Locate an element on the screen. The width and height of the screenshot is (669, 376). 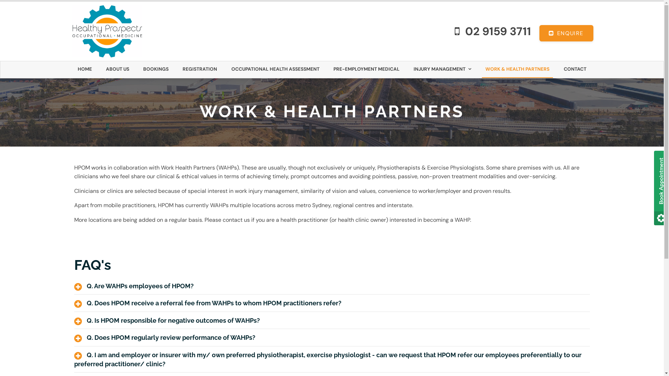
'CONTACT' is located at coordinates (560, 70).